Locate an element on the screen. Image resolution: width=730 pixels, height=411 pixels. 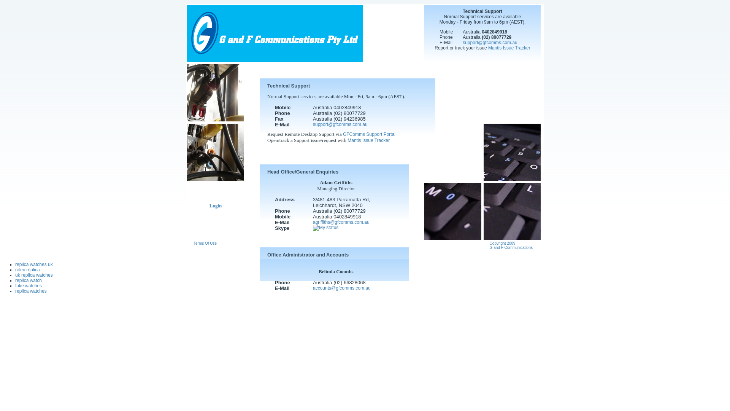
'agriffiths@gfcomms.com.au' is located at coordinates (341, 222).